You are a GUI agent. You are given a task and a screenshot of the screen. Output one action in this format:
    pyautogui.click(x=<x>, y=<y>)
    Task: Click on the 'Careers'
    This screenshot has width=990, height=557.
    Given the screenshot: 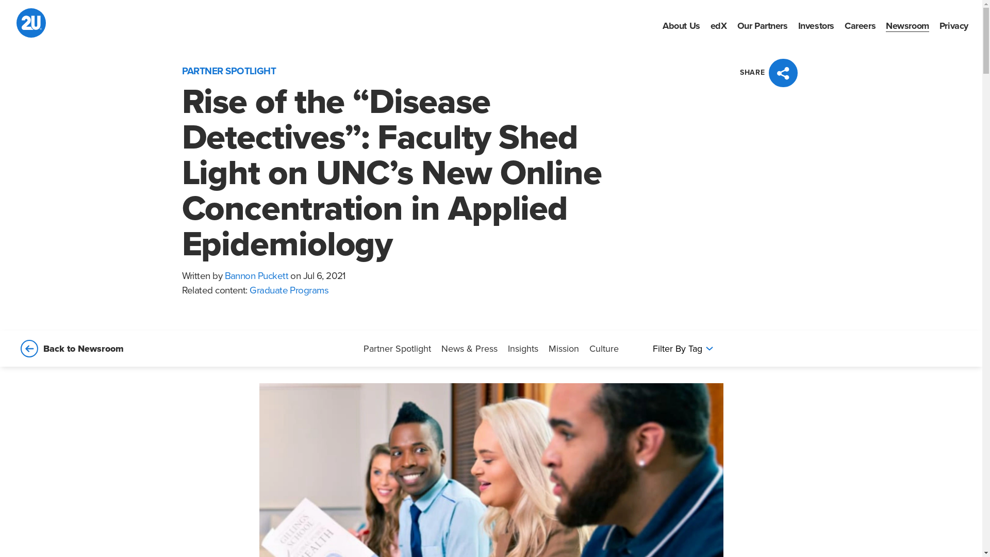 What is the action you would take?
    pyautogui.click(x=860, y=25)
    